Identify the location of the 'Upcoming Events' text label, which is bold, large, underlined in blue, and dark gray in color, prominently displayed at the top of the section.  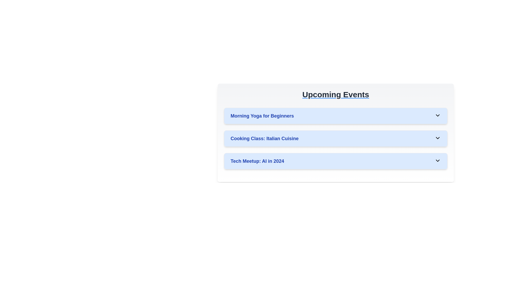
(335, 94).